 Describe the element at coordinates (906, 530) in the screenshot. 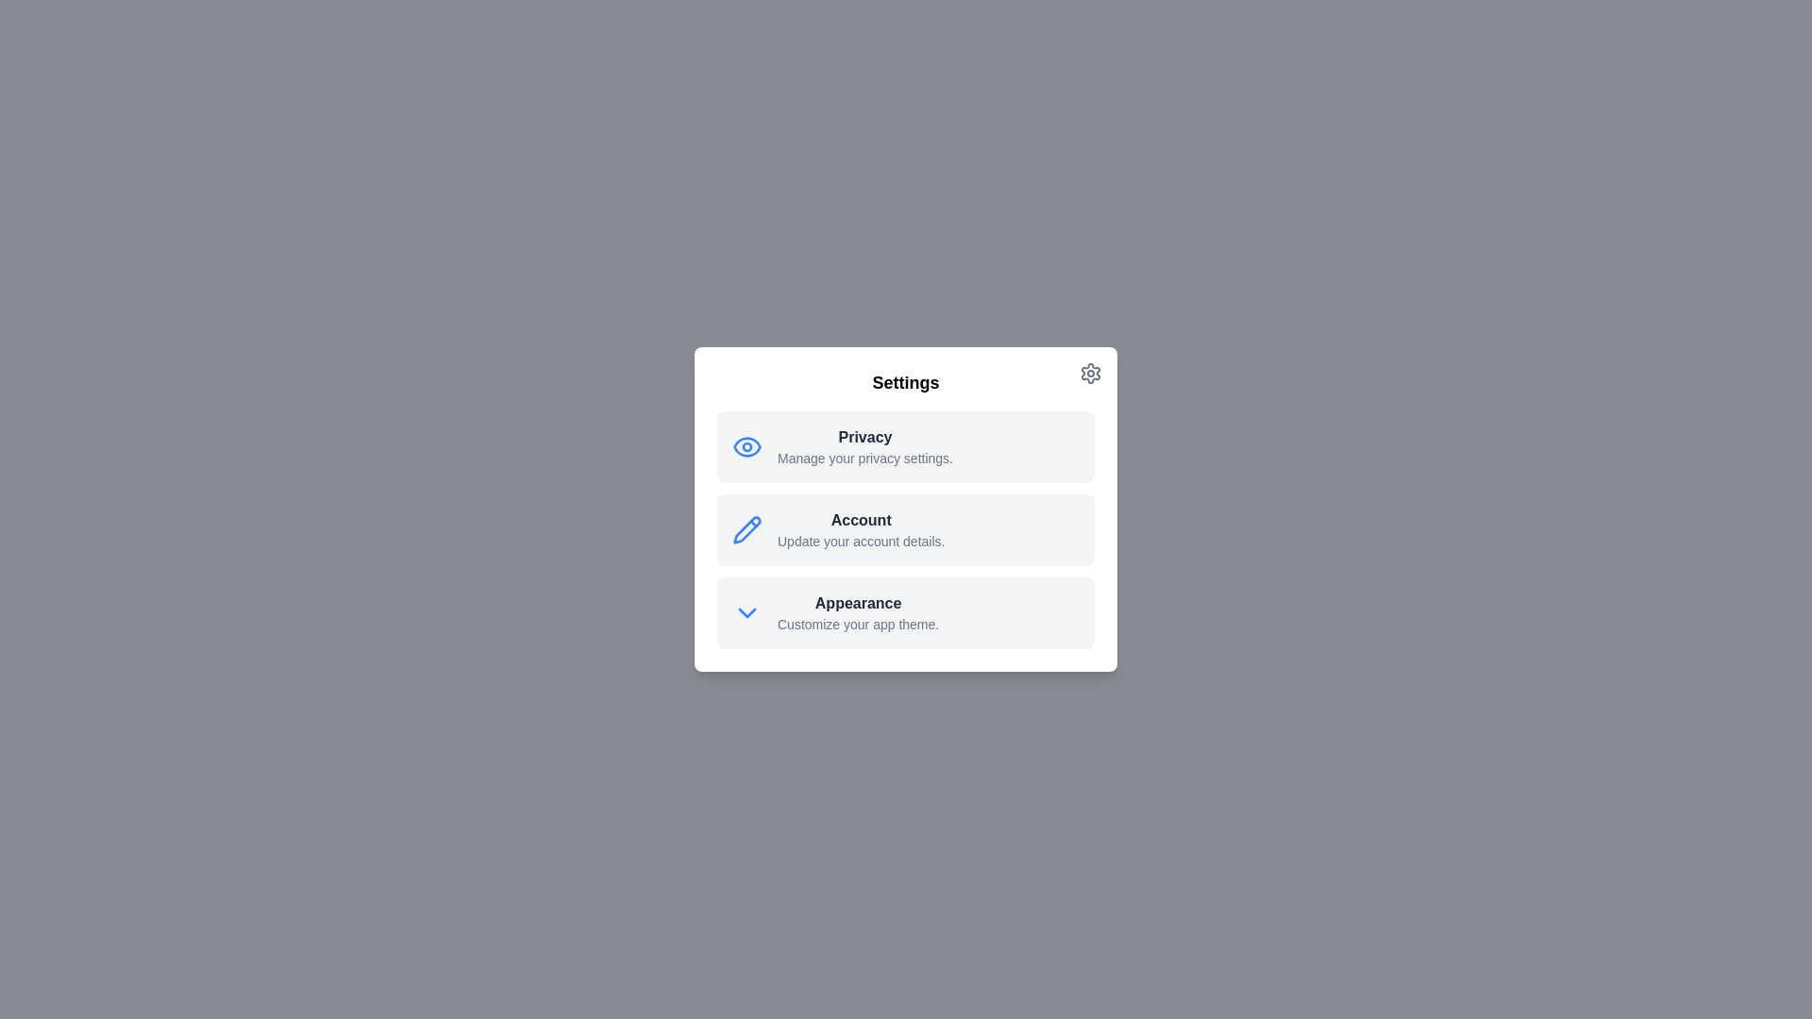

I see `the desired setting: Account` at that location.